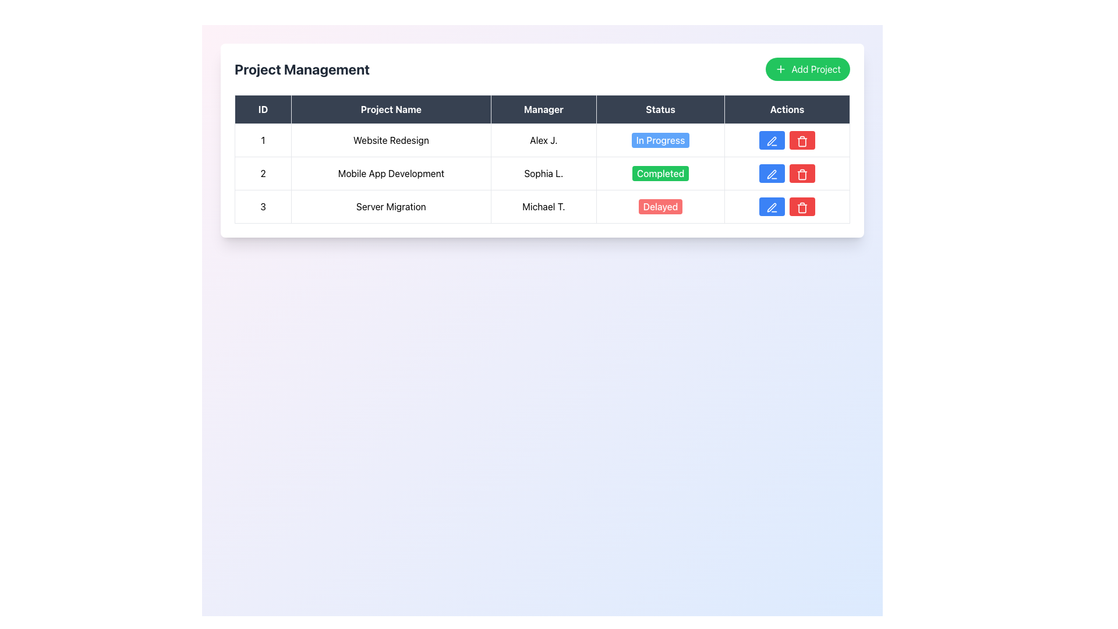  Describe the element at coordinates (772, 174) in the screenshot. I see `the edit icon button in the 'Actions' column of the second row` at that location.